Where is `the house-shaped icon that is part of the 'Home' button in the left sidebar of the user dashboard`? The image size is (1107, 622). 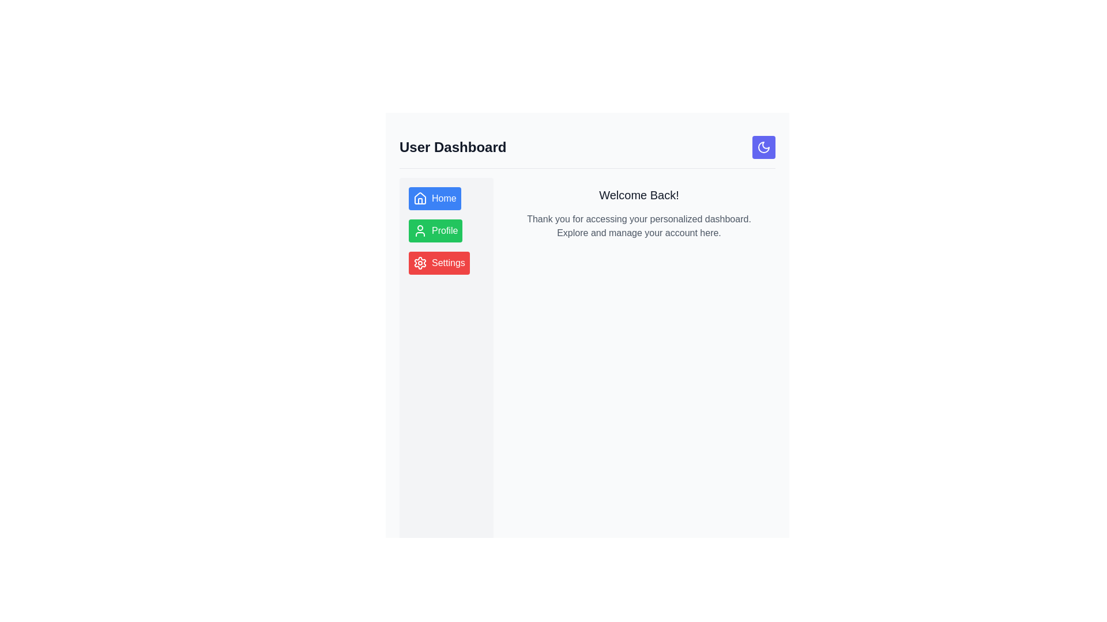 the house-shaped icon that is part of the 'Home' button in the left sidebar of the user dashboard is located at coordinates (420, 197).